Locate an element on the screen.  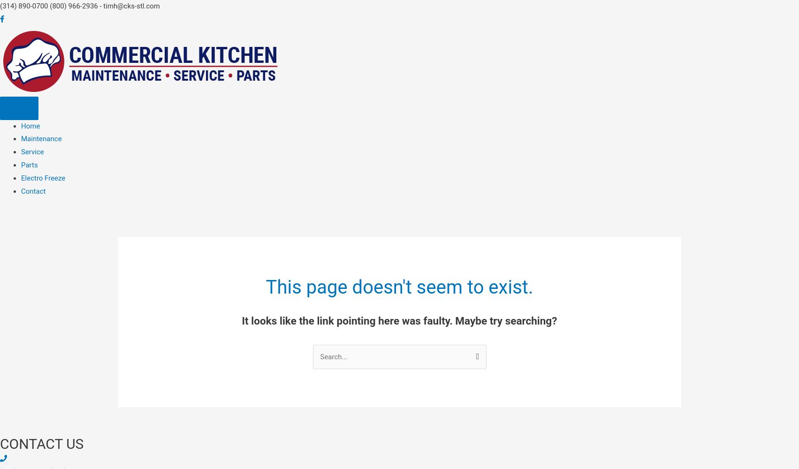
'This page doesn't seem to exist.' is located at coordinates (265, 287).